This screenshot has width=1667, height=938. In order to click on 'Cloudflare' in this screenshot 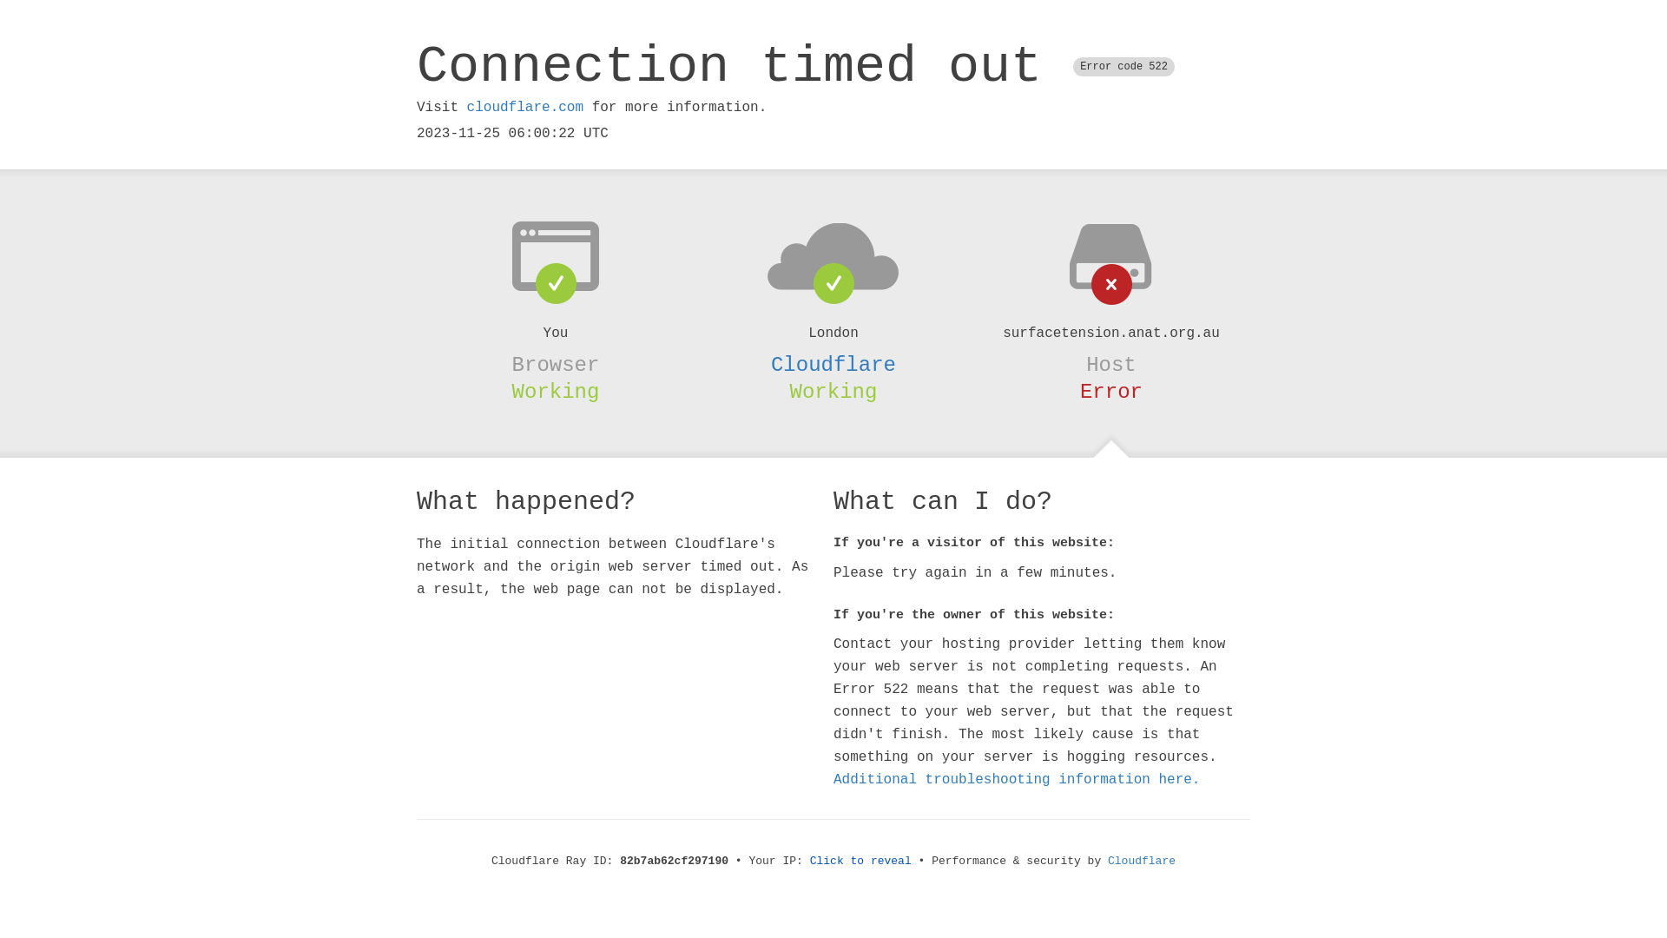, I will do `click(833, 364)`.